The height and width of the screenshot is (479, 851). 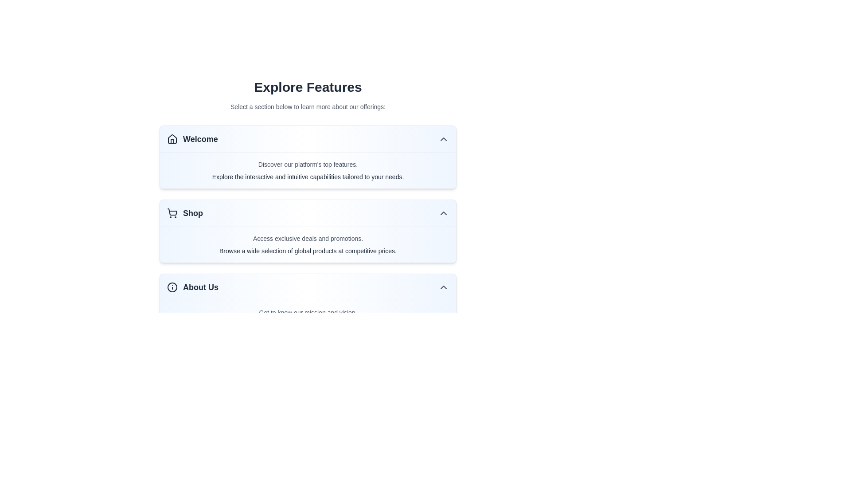 I want to click on the house icon located in the 'Welcome' section, which features a dark gray minimalistic design with a rectangular door, positioned to the left of the text 'Welcome', so click(x=172, y=139).